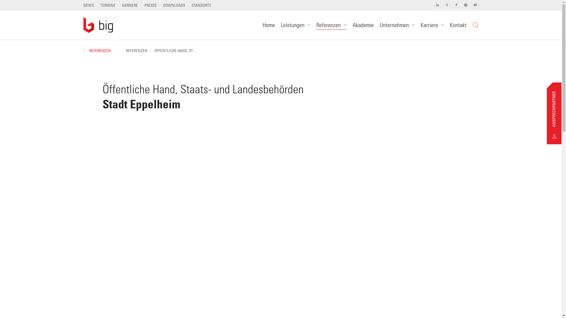  I want to click on 'PRESSE', so click(150, 5).